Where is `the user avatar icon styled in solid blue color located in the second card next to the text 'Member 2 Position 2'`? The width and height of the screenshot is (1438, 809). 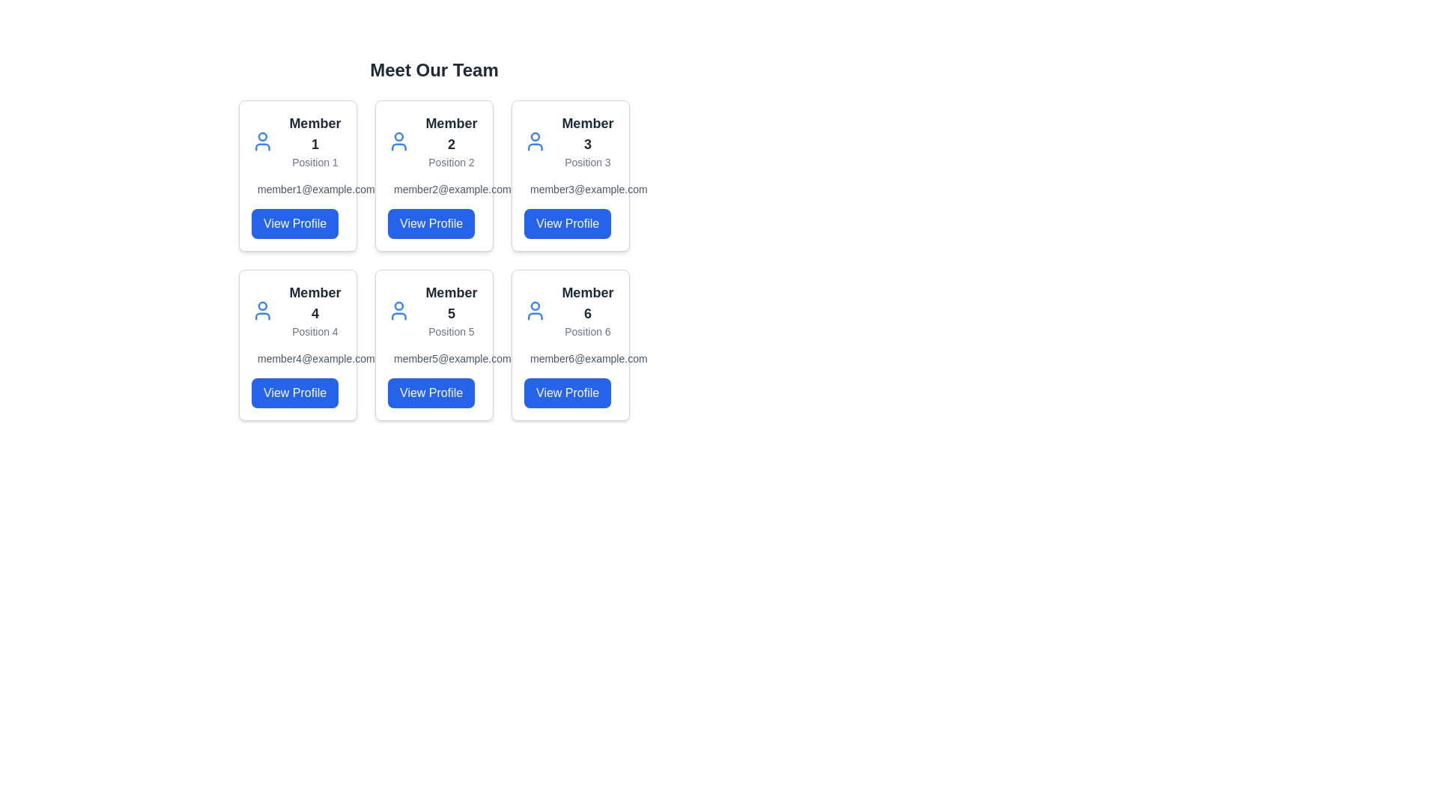
the user avatar icon styled in solid blue color located in the second card next to the text 'Member 2 Position 2' is located at coordinates (398, 142).